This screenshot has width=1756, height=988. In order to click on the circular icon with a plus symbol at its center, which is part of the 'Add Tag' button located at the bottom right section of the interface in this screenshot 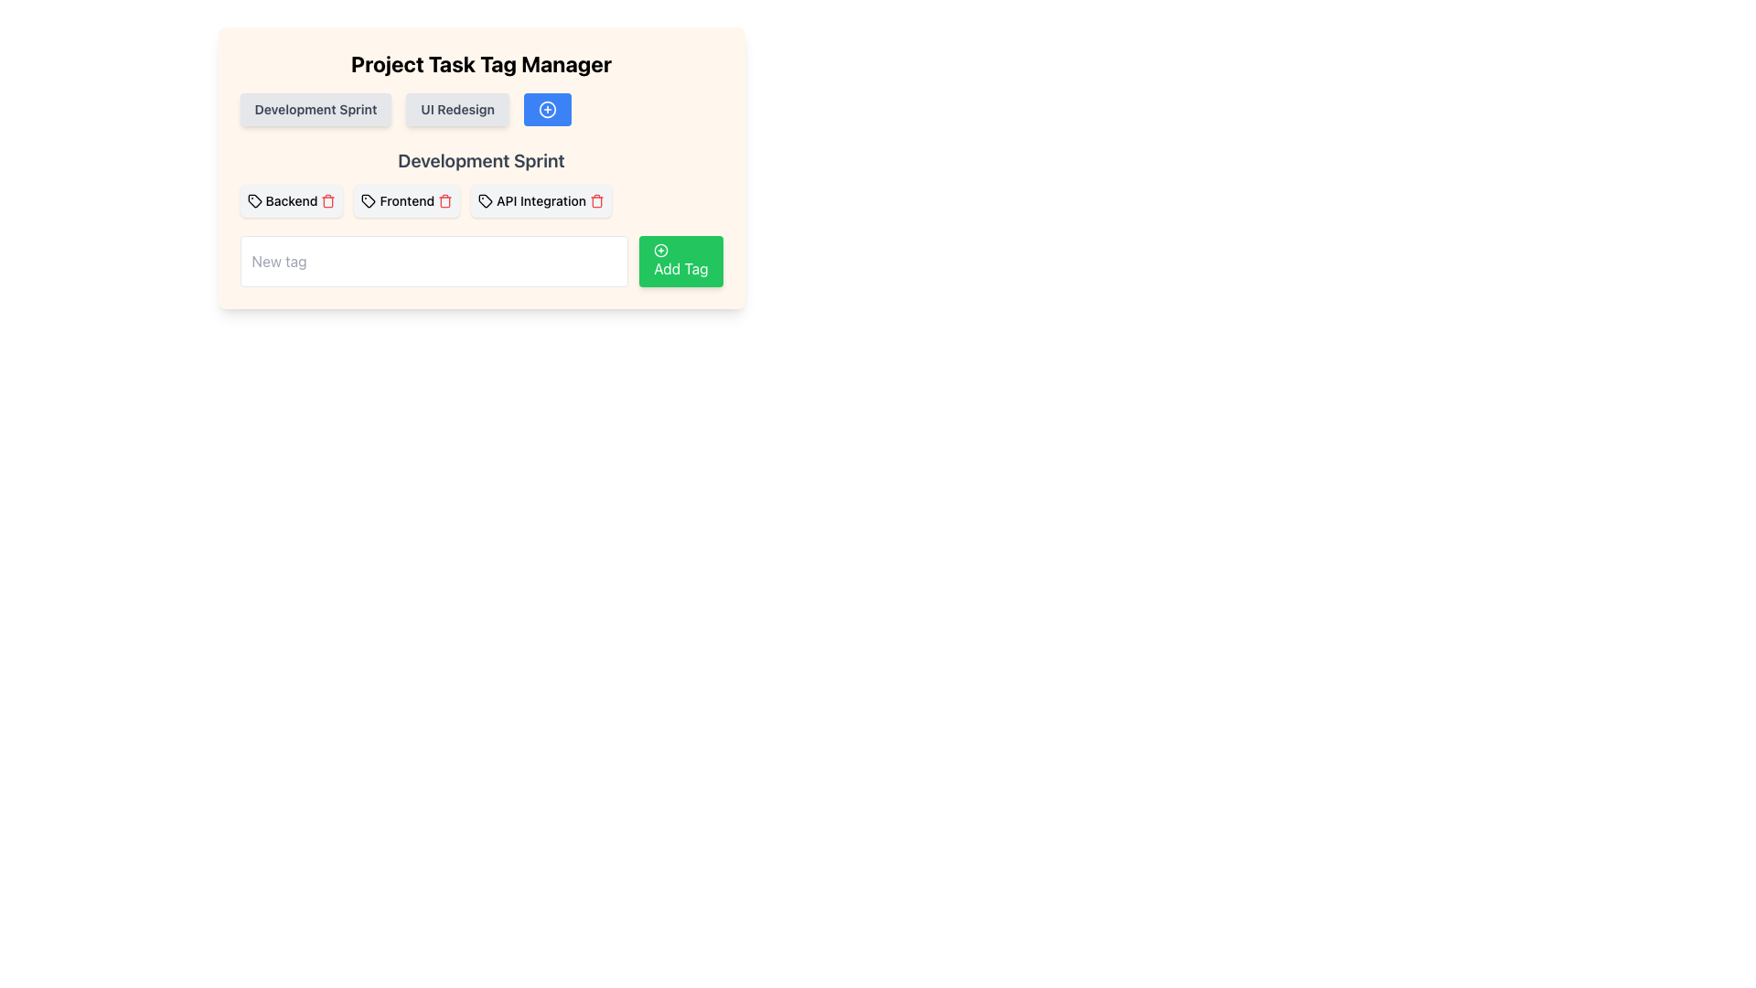, I will do `click(547, 109)`.